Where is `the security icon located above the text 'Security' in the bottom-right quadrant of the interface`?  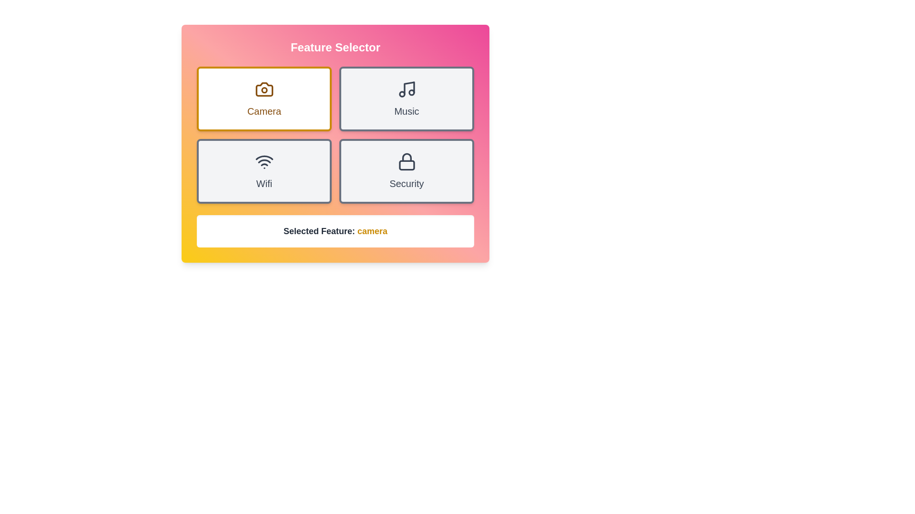 the security icon located above the text 'Security' in the bottom-right quadrant of the interface is located at coordinates (407, 161).